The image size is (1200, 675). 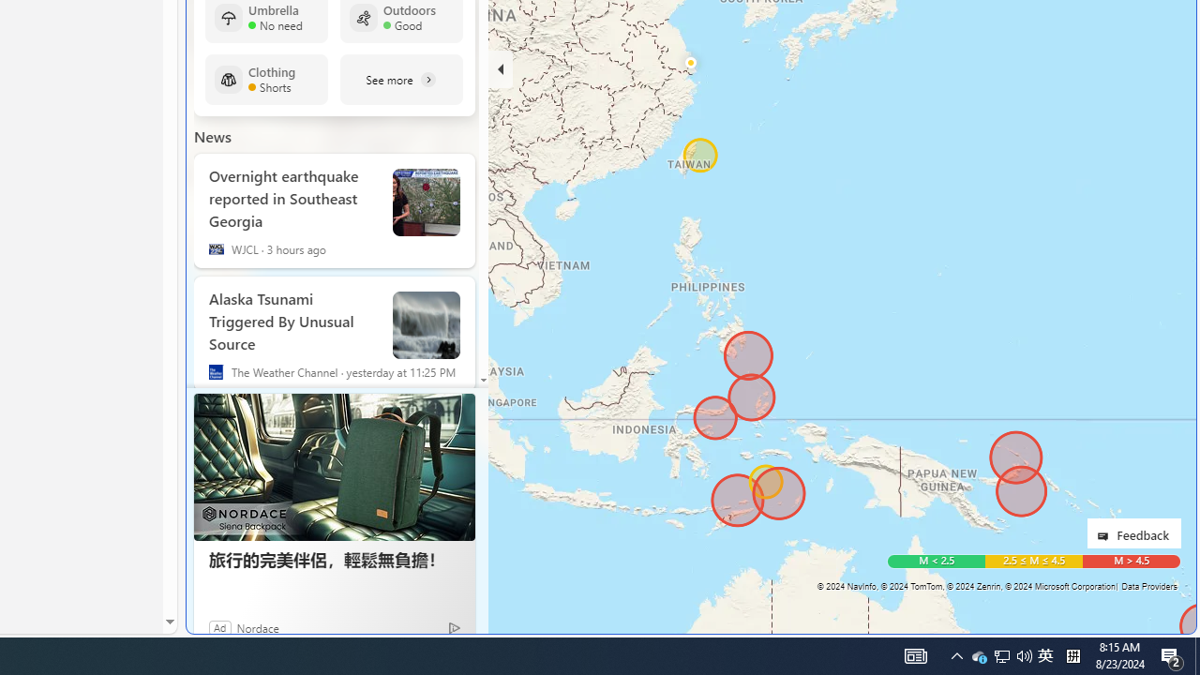 What do you see at coordinates (265, 79) in the screenshot?
I see `'Clothing Shorts'` at bounding box center [265, 79].